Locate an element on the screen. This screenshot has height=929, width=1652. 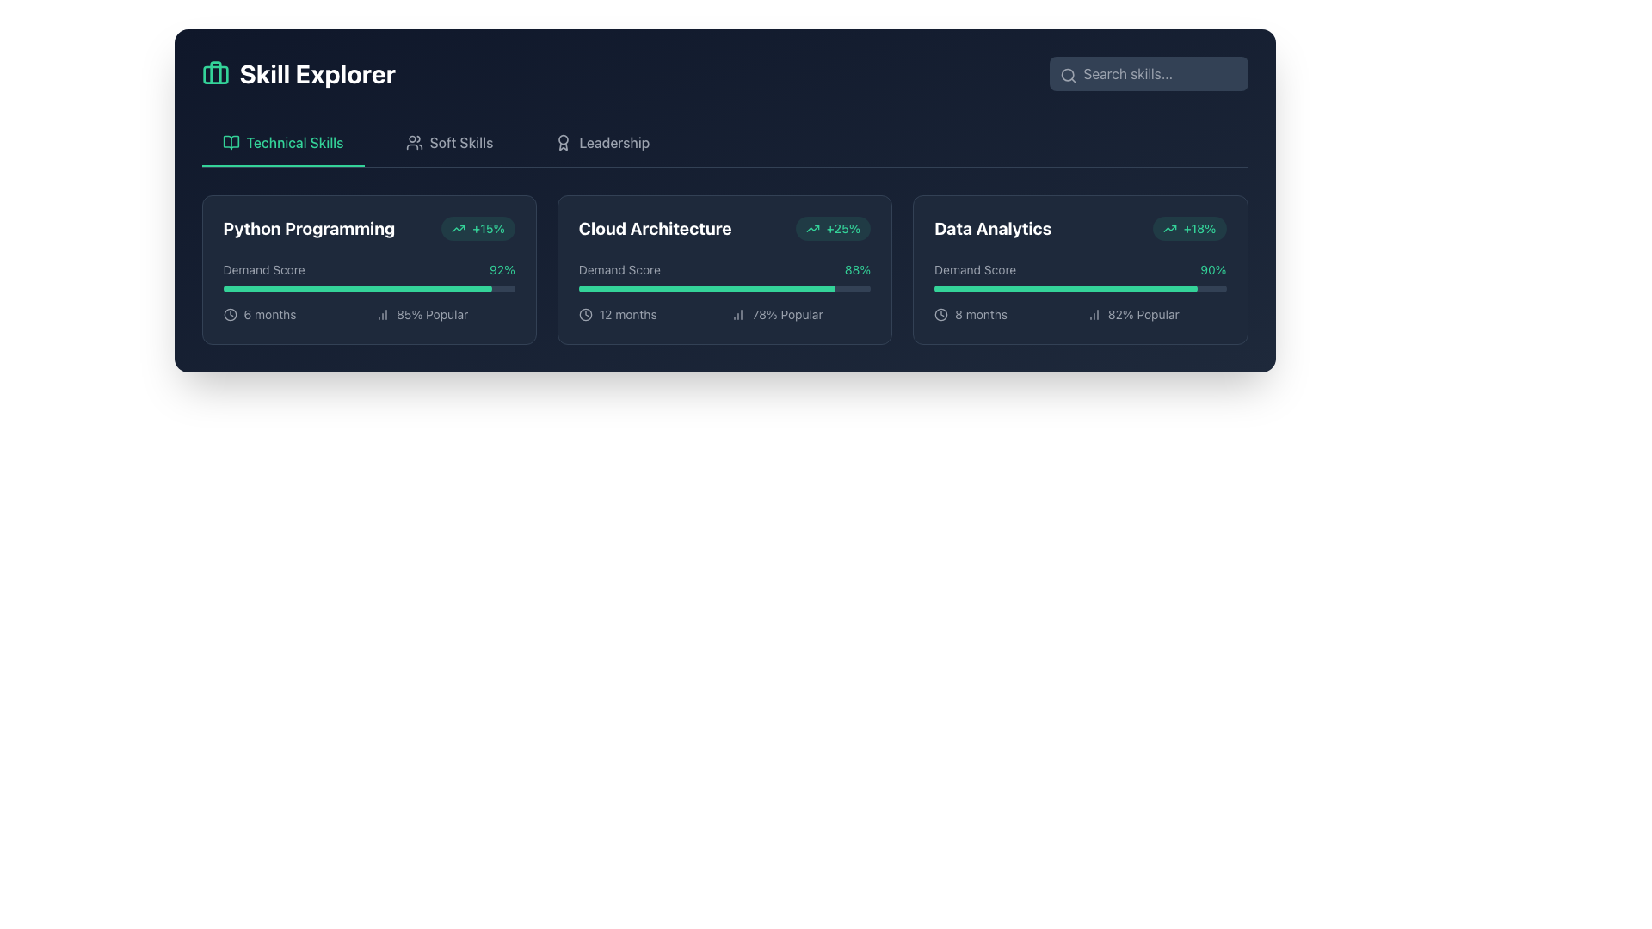
the text label displaying '12 months' with an adjacent clock icon, located below the 'Cloud Architecture' section and to the left of the '78% Popular' indicator is located at coordinates (647, 315).